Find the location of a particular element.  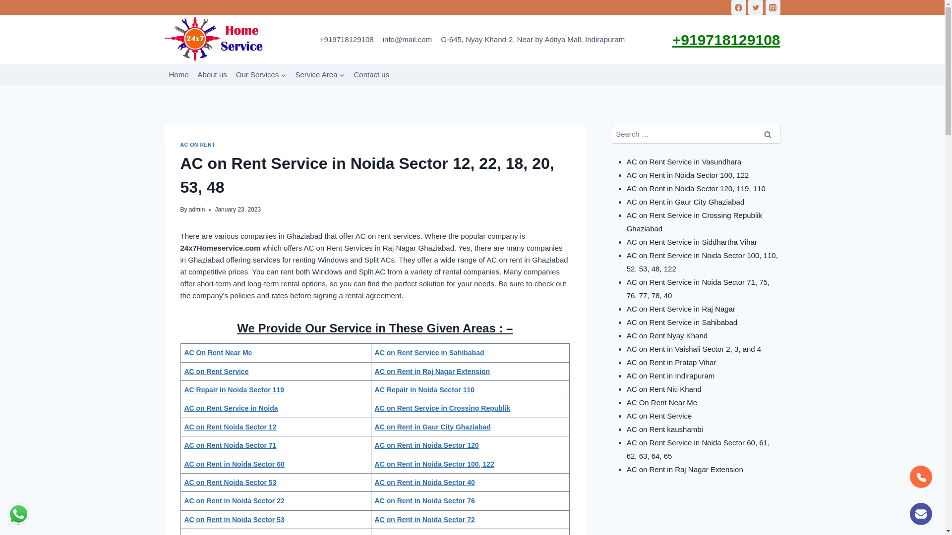

'AC on Rent Service in Crossing Republik Ghaziabad' is located at coordinates (626, 221).